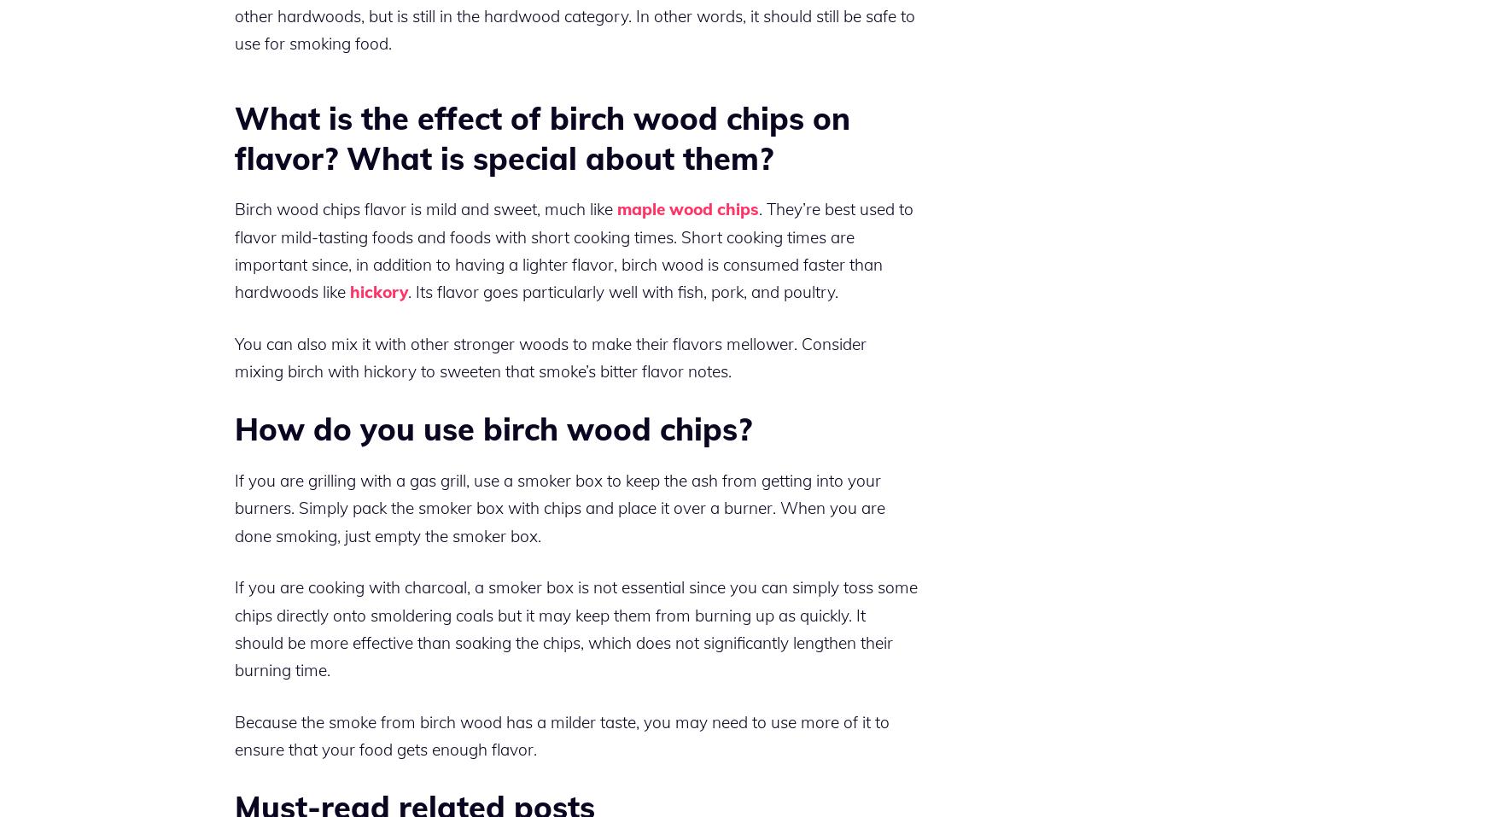 The width and height of the screenshot is (1494, 817). I want to click on 'Because the smoke from birch wood has a milder taste, you may need to use more of it to ensure that your food gets enough flavor.', so click(561, 734).